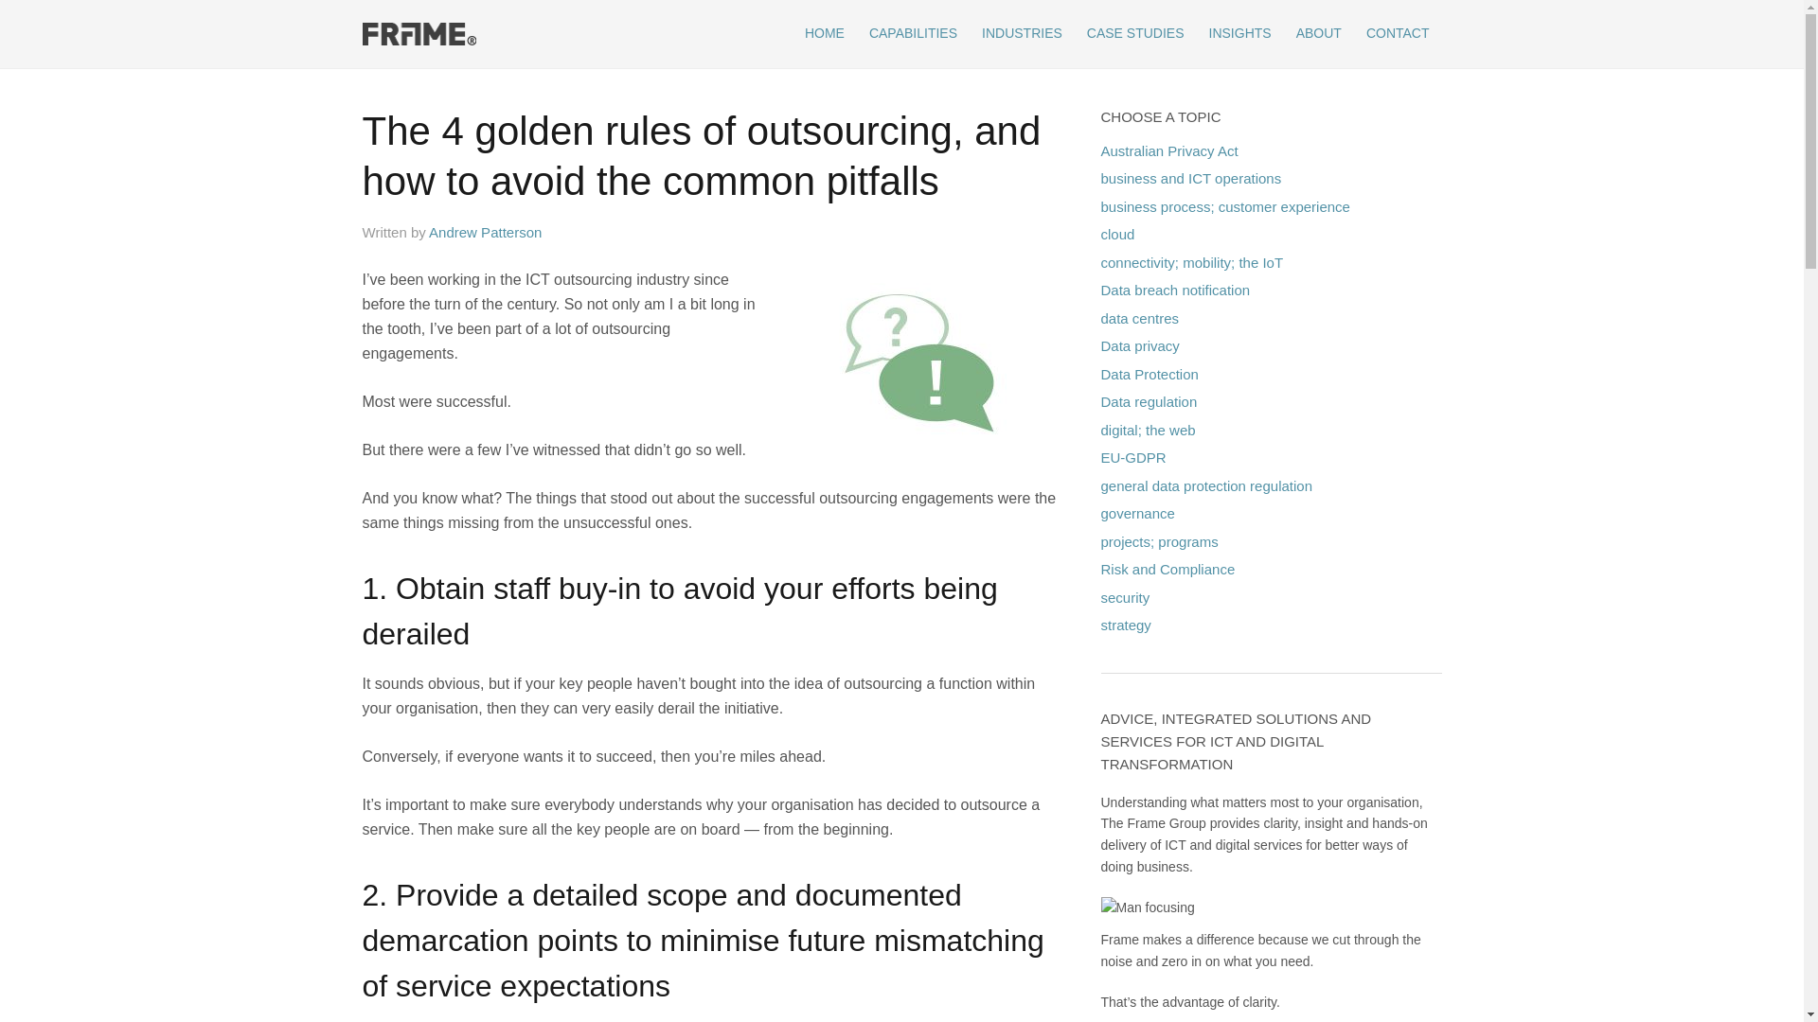 This screenshot has width=1818, height=1022. Describe the element at coordinates (1125, 625) in the screenshot. I see `'strategy'` at that location.